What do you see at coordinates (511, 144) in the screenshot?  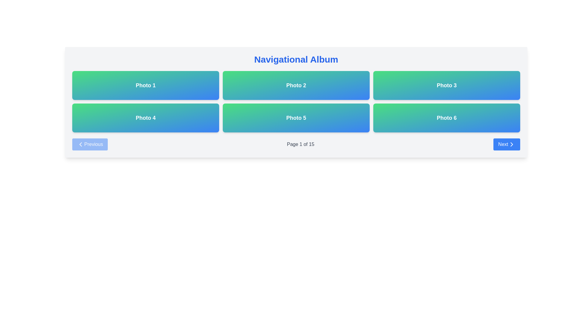 I see `the 'Next' button which contains the small right-pointing chevron icon` at bounding box center [511, 144].